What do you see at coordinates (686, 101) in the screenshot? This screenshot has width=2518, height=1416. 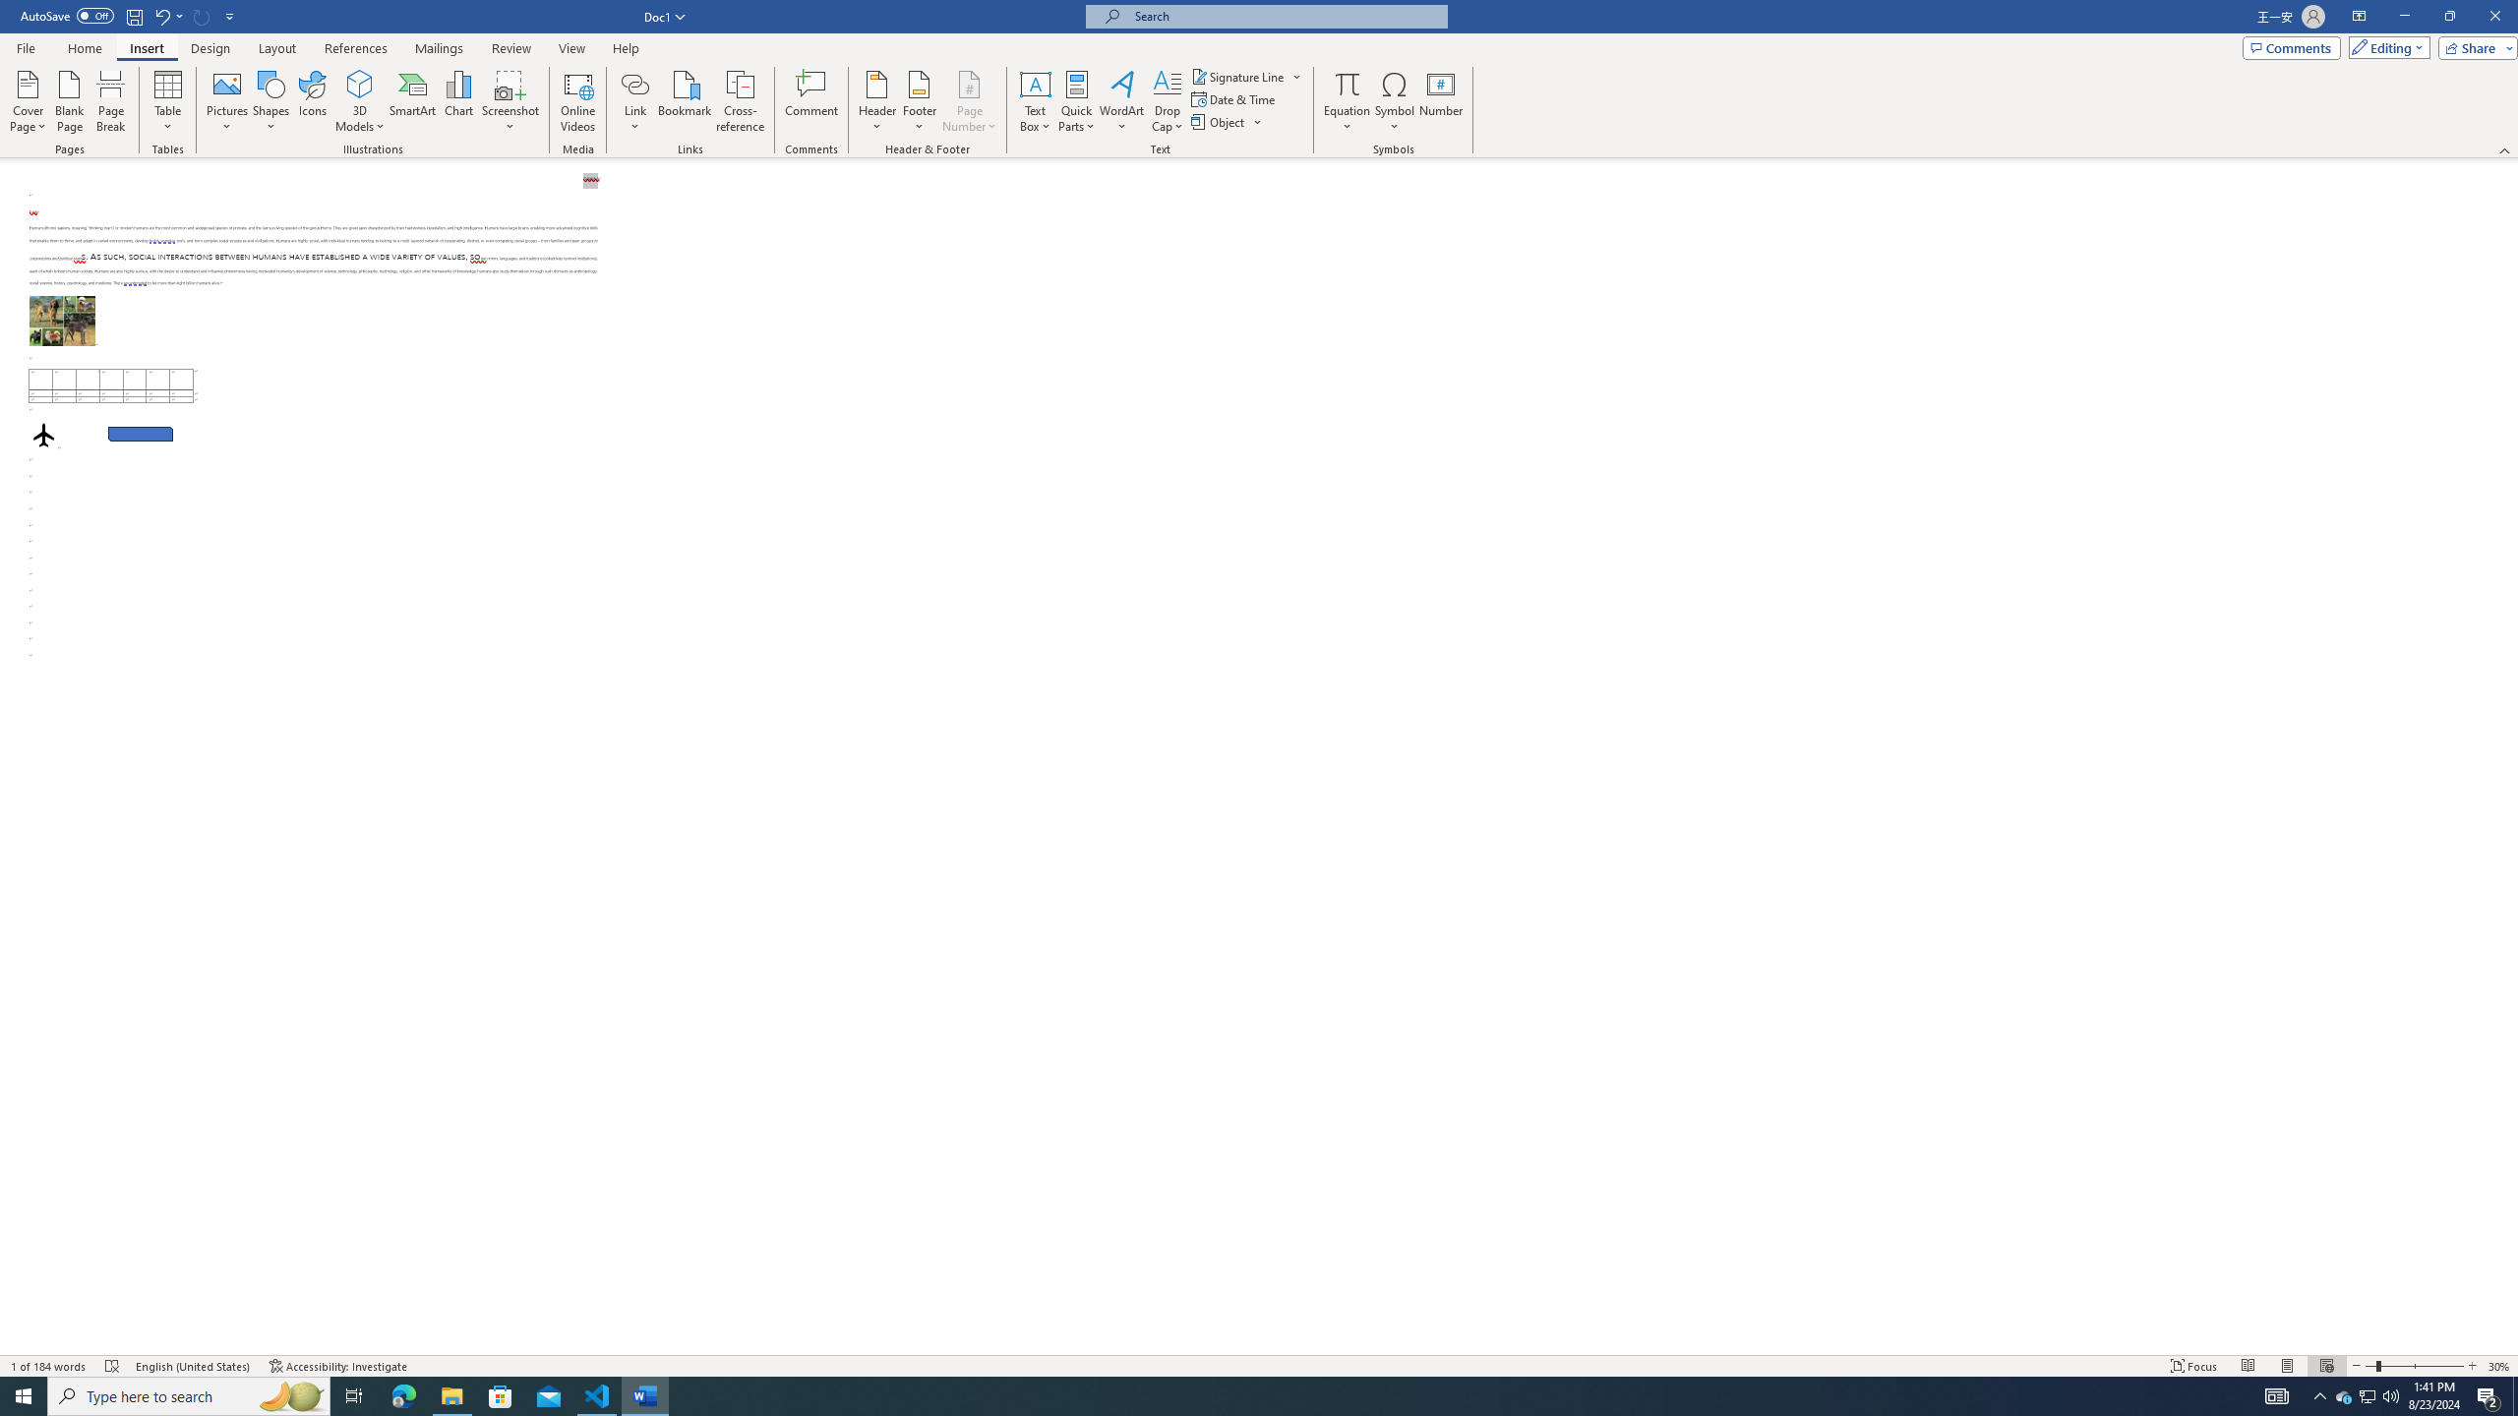 I see `'Bookmark...'` at bounding box center [686, 101].